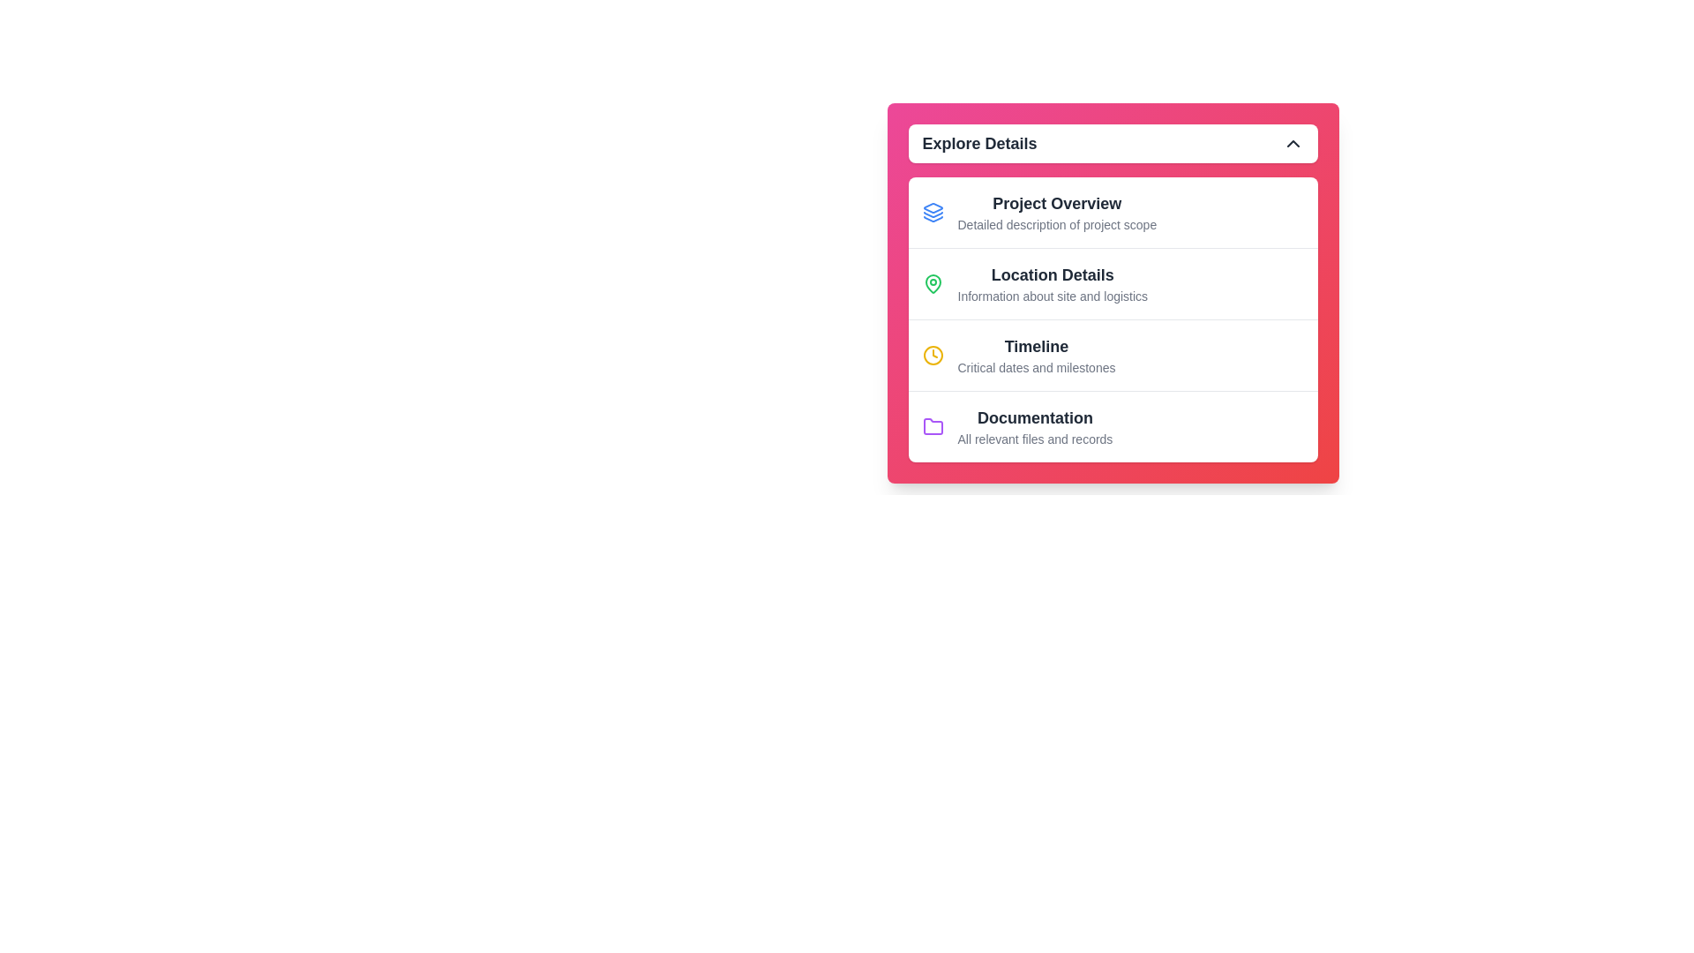 The width and height of the screenshot is (1694, 953). Describe the element at coordinates (1053, 282) in the screenshot. I see `the second item in the 'Explore Details' section, which is a Text label with supporting description` at that location.